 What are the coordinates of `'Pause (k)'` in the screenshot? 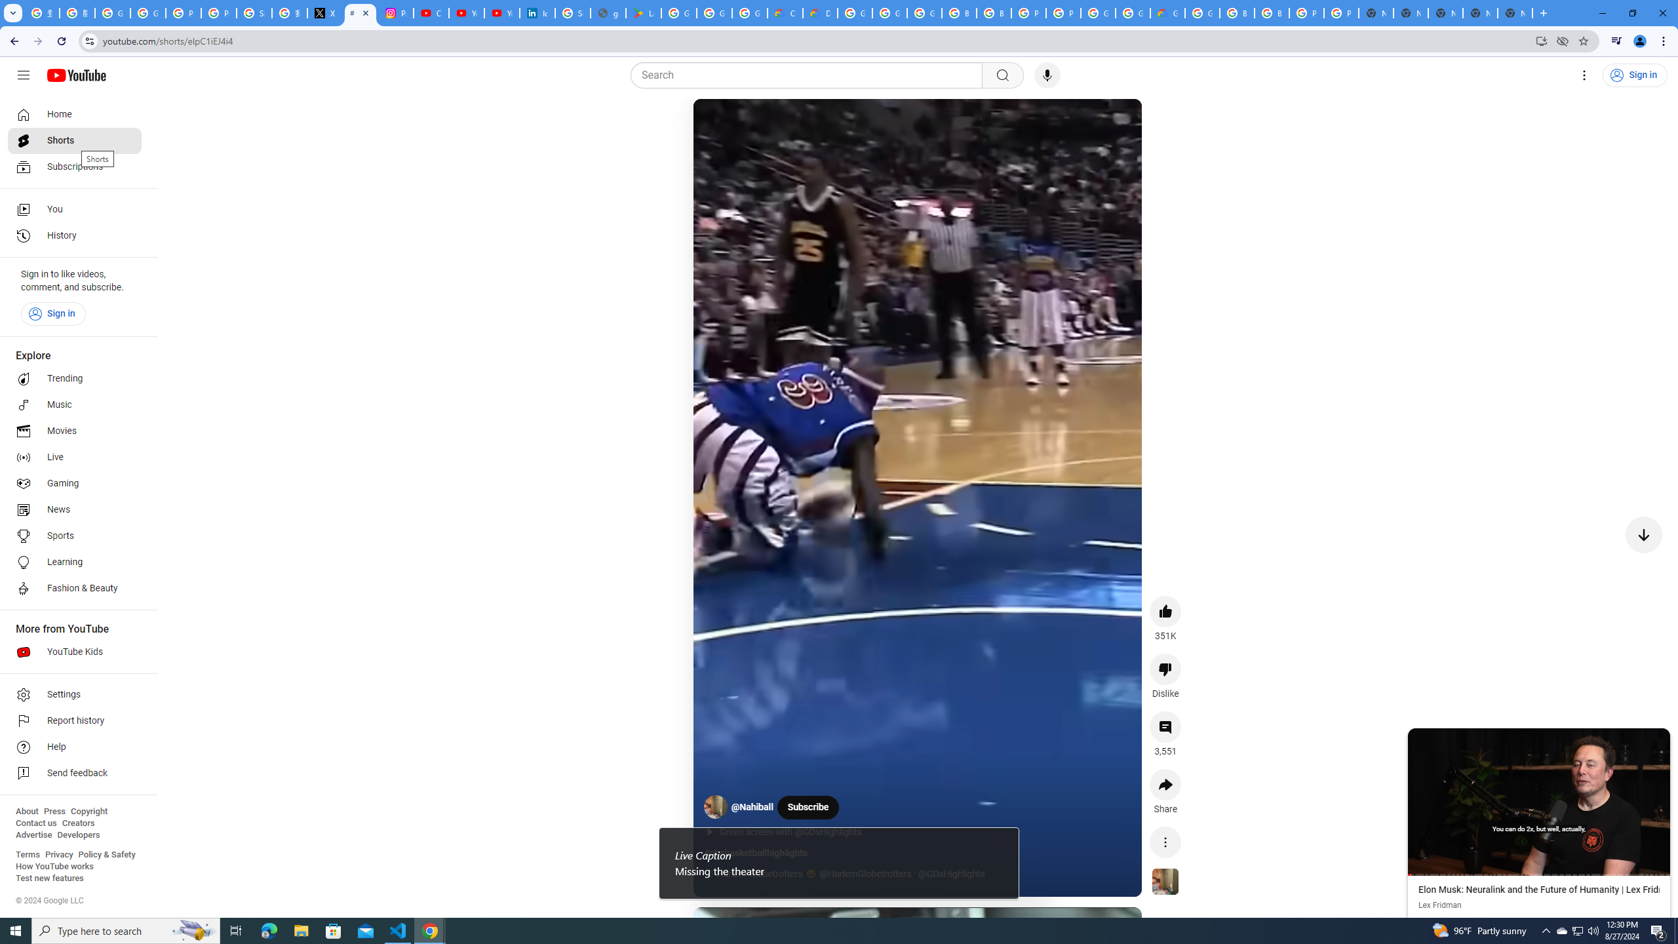 It's located at (718, 124).